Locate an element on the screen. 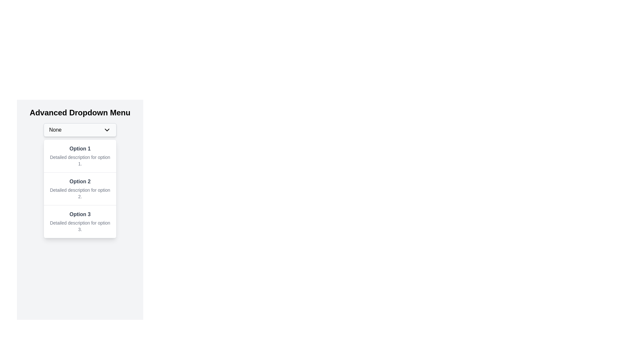  static informational text that displays 'Detailed description for option 1.' located in the first option of the dropdown menu is located at coordinates (79, 160).